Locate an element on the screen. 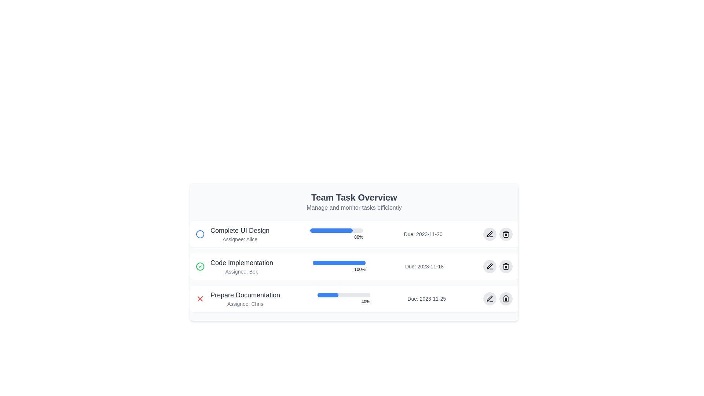 This screenshot has height=396, width=704. details of the task item widget titled 'Code Implementation' with the subtitle 'Assignee: Bob', which is the second task item in the task list is located at coordinates (234, 266).